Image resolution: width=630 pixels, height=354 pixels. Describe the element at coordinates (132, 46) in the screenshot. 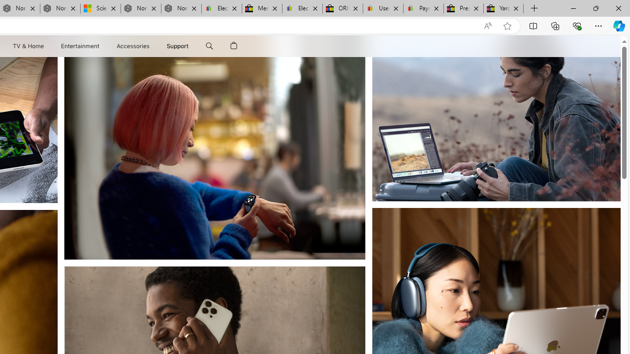

I see `'Accessories'` at that location.